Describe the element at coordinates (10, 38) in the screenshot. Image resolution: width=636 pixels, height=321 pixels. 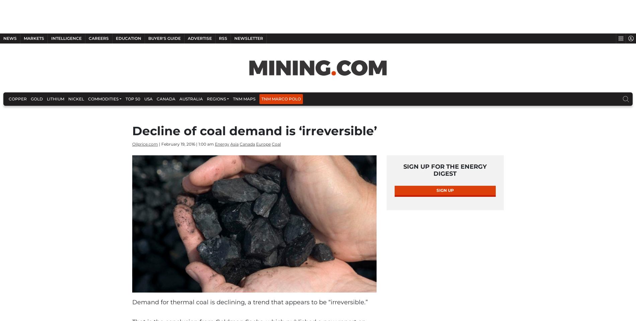
I see `'News'` at that location.